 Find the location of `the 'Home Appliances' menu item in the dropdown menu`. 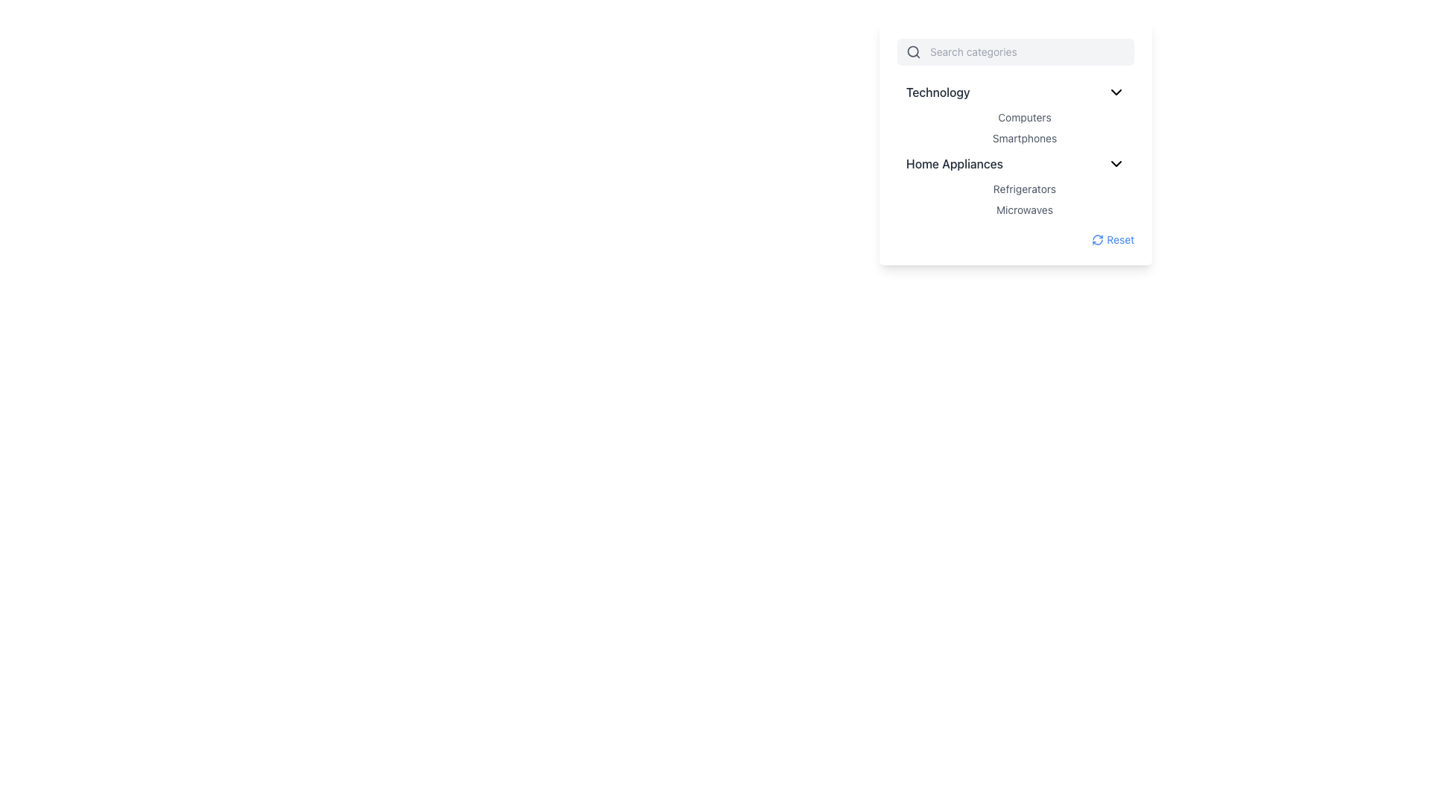

the 'Home Appliances' menu item in the dropdown menu is located at coordinates (1015, 163).